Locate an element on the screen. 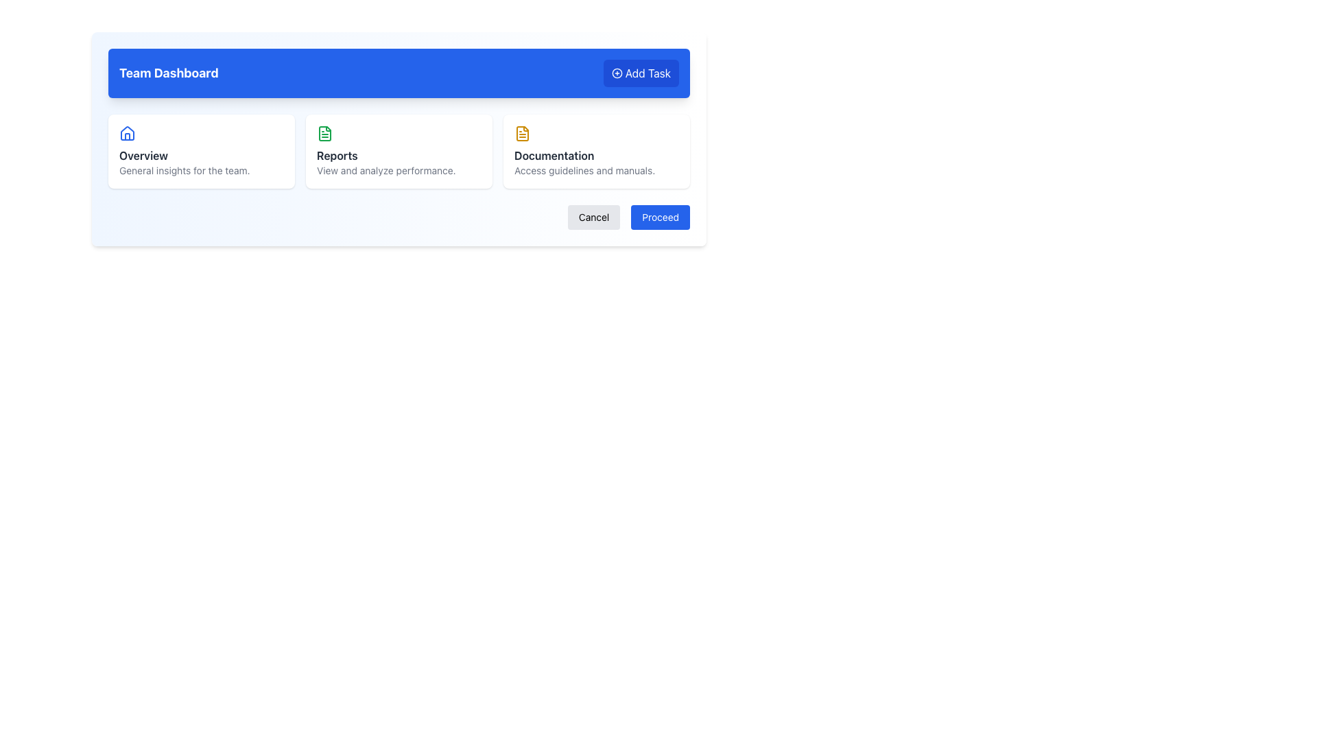 The width and height of the screenshot is (1317, 741). the task creation button located on the right side of the blue header bar, adjacent to 'Team Dashboard' is located at coordinates (640, 73).